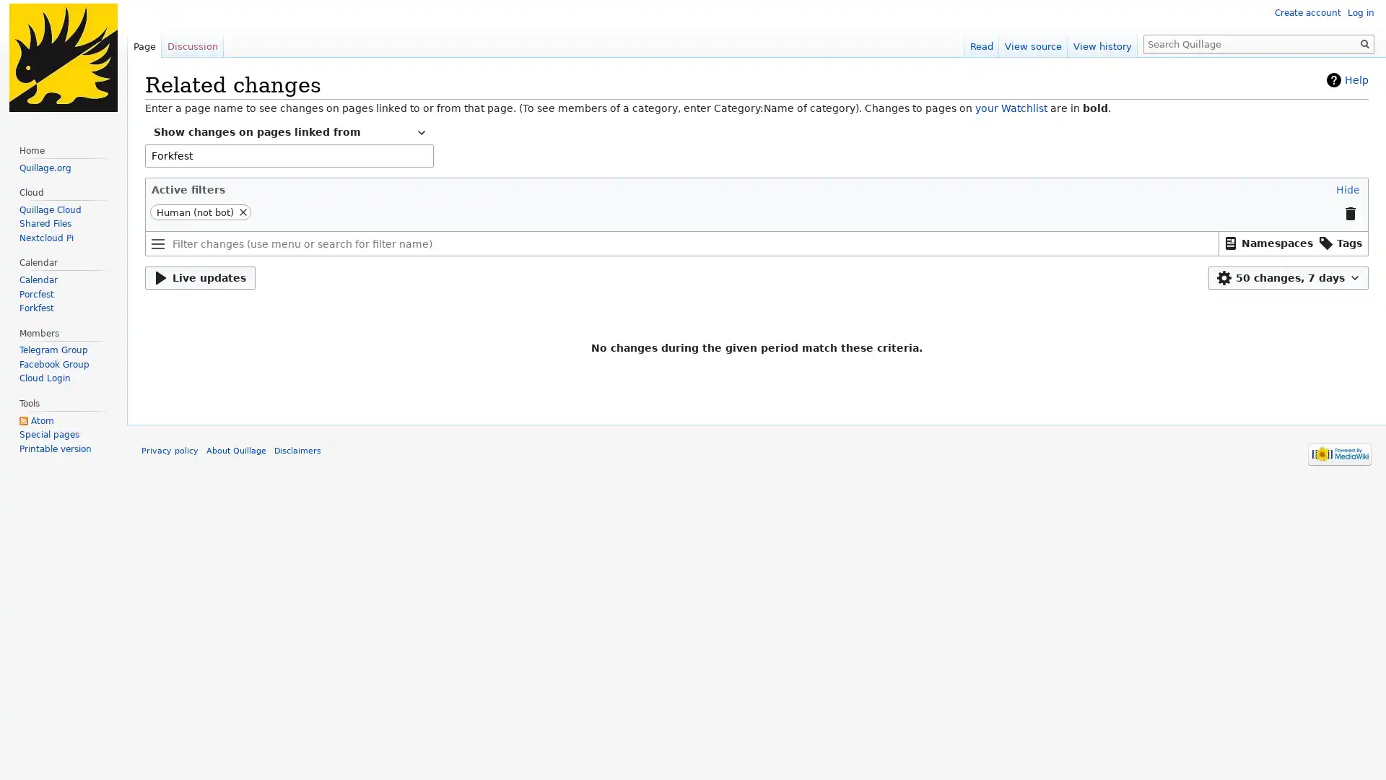 This screenshot has height=780, width=1386. What do you see at coordinates (1349, 212) in the screenshot?
I see `Clear all filters` at bounding box center [1349, 212].